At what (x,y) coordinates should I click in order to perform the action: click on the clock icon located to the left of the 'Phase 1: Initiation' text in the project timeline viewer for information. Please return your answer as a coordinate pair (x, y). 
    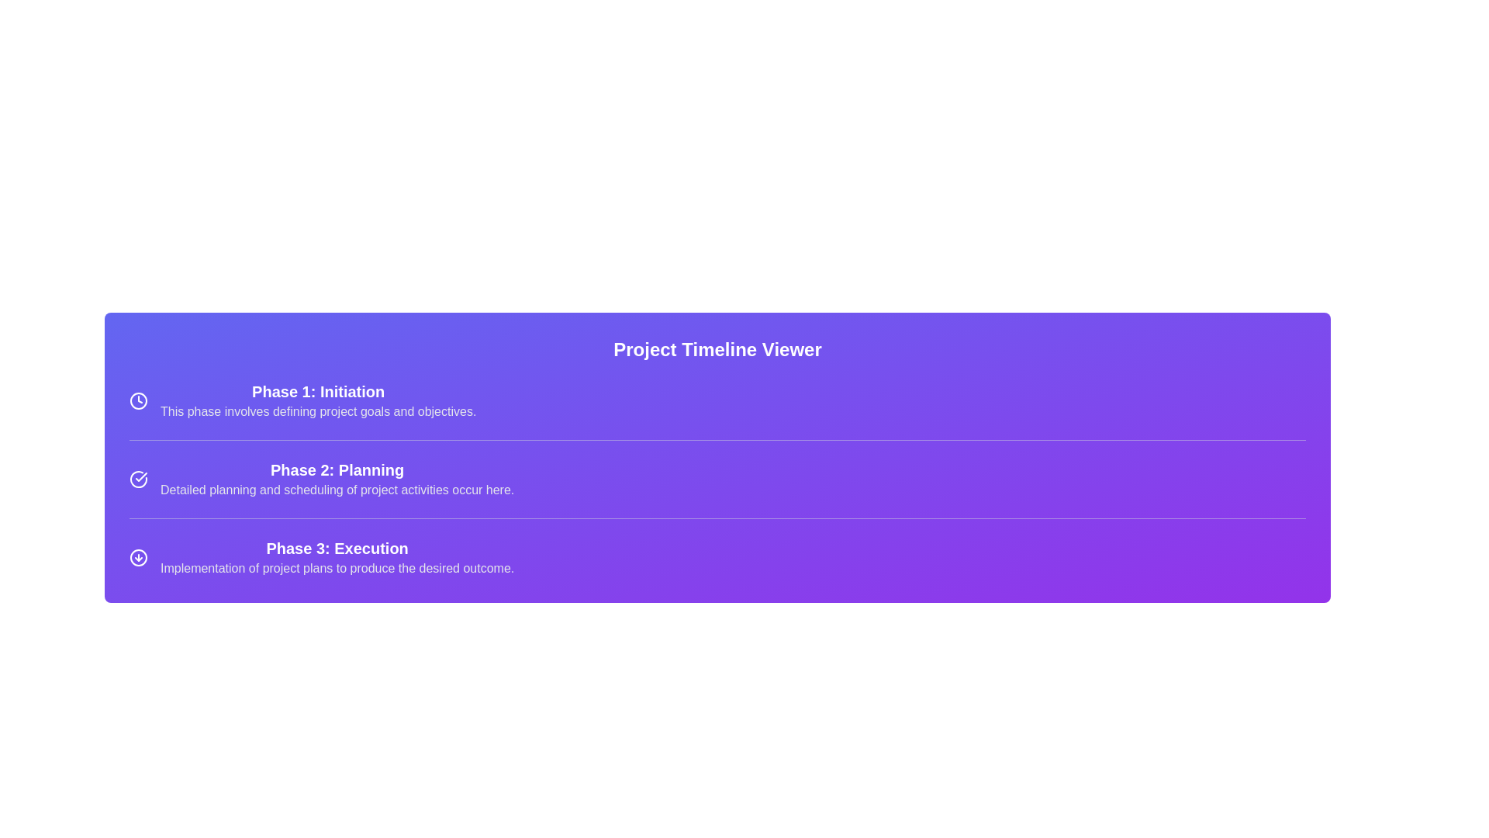
    Looking at the image, I should click on (138, 400).